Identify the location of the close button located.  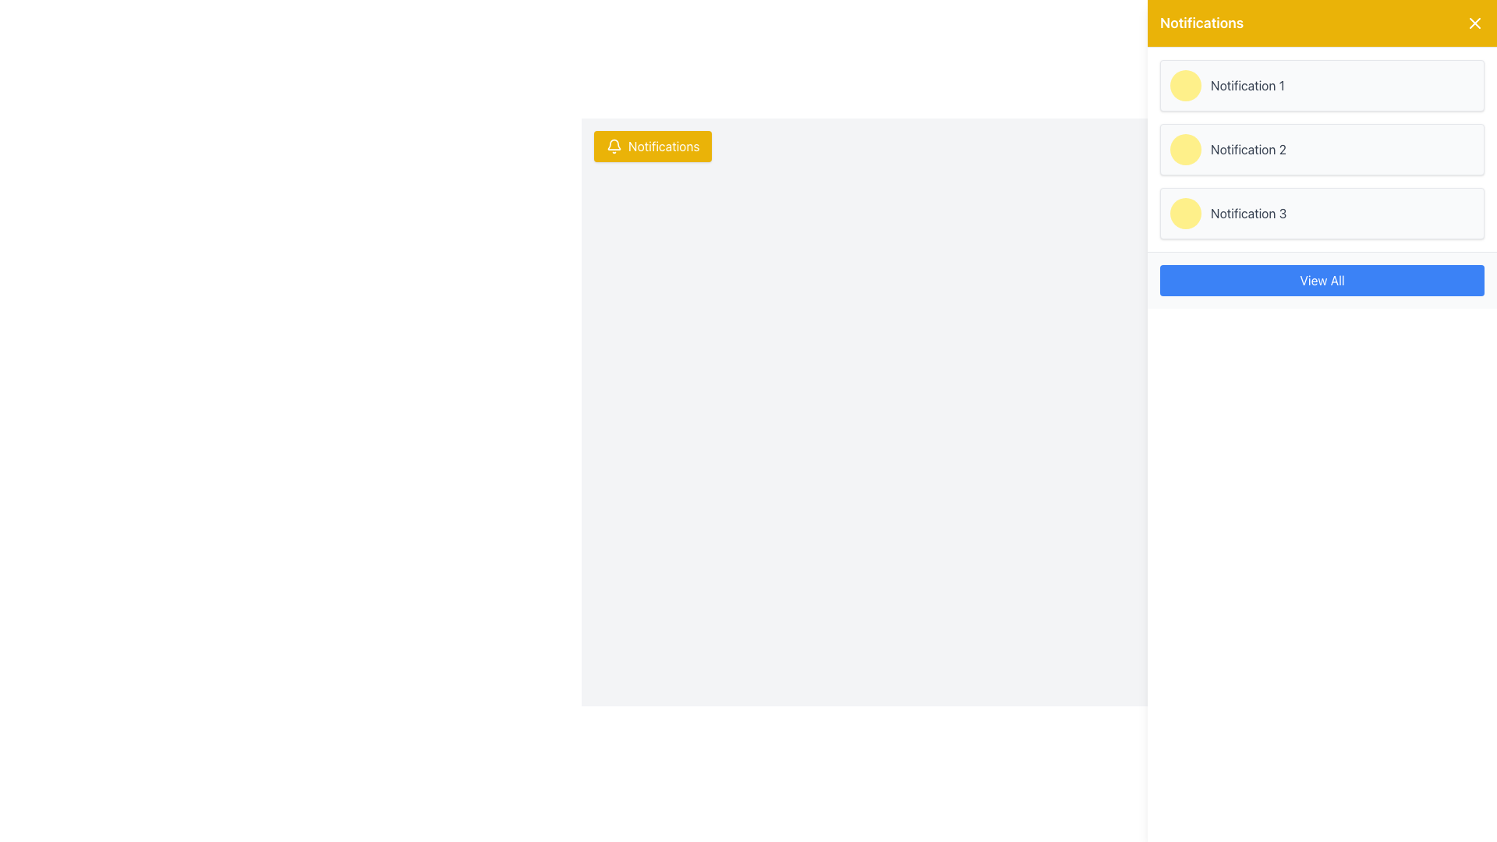
(1474, 23).